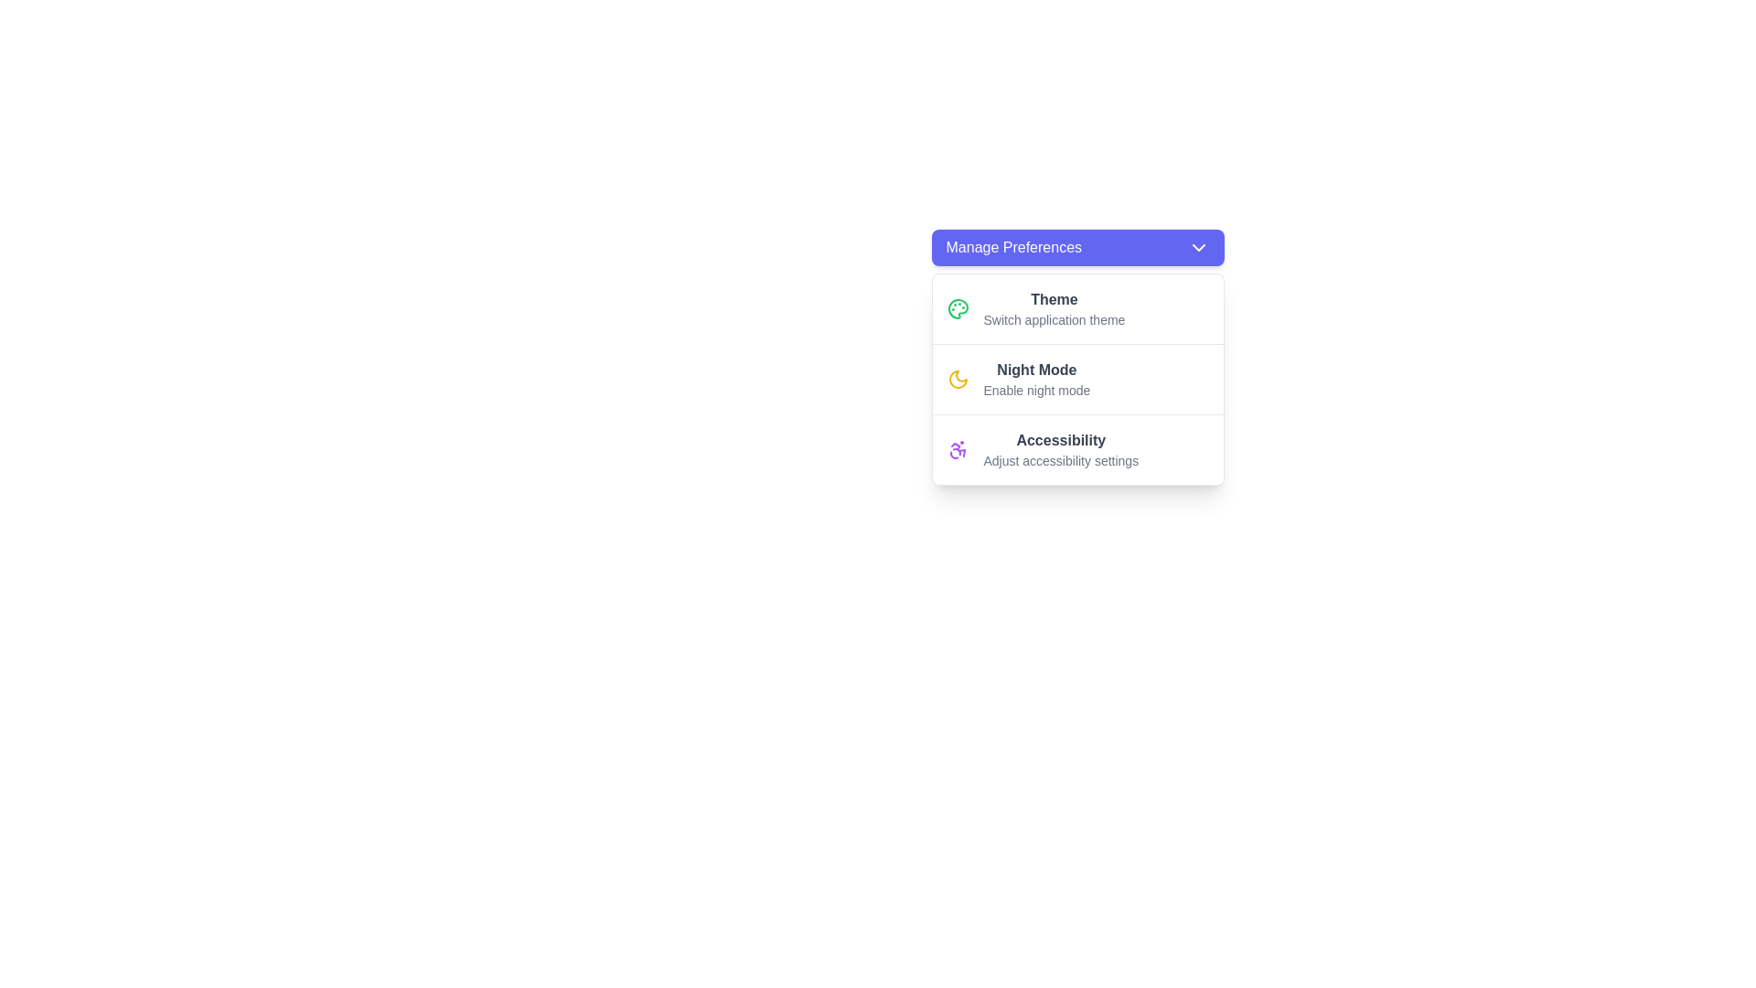 This screenshot has height=988, width=1756. I want to click on the 'Accessibility' interactive card located at the bottom of the dropdown menu under 'Manage Preferences', so click(1077, 449).